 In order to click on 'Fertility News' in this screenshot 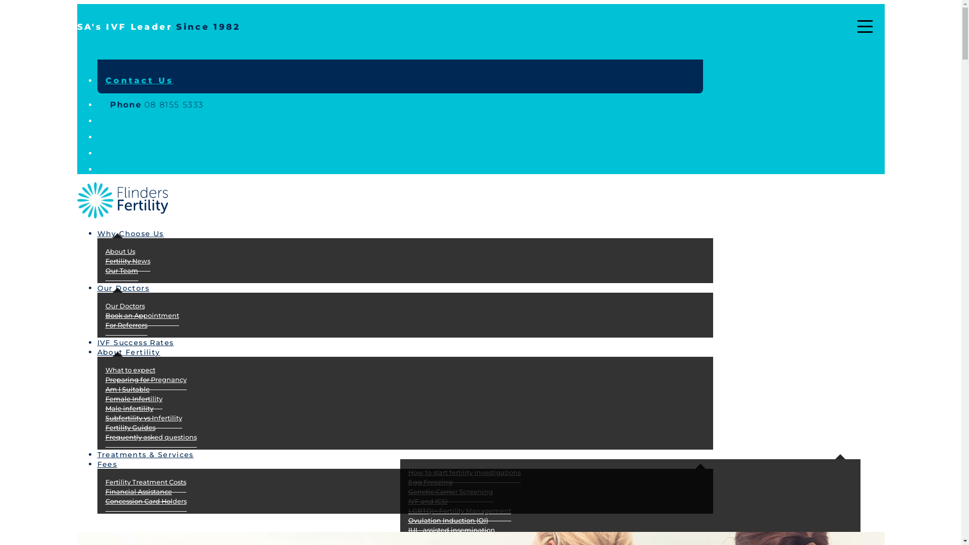, I will do `click(127, 260)`.